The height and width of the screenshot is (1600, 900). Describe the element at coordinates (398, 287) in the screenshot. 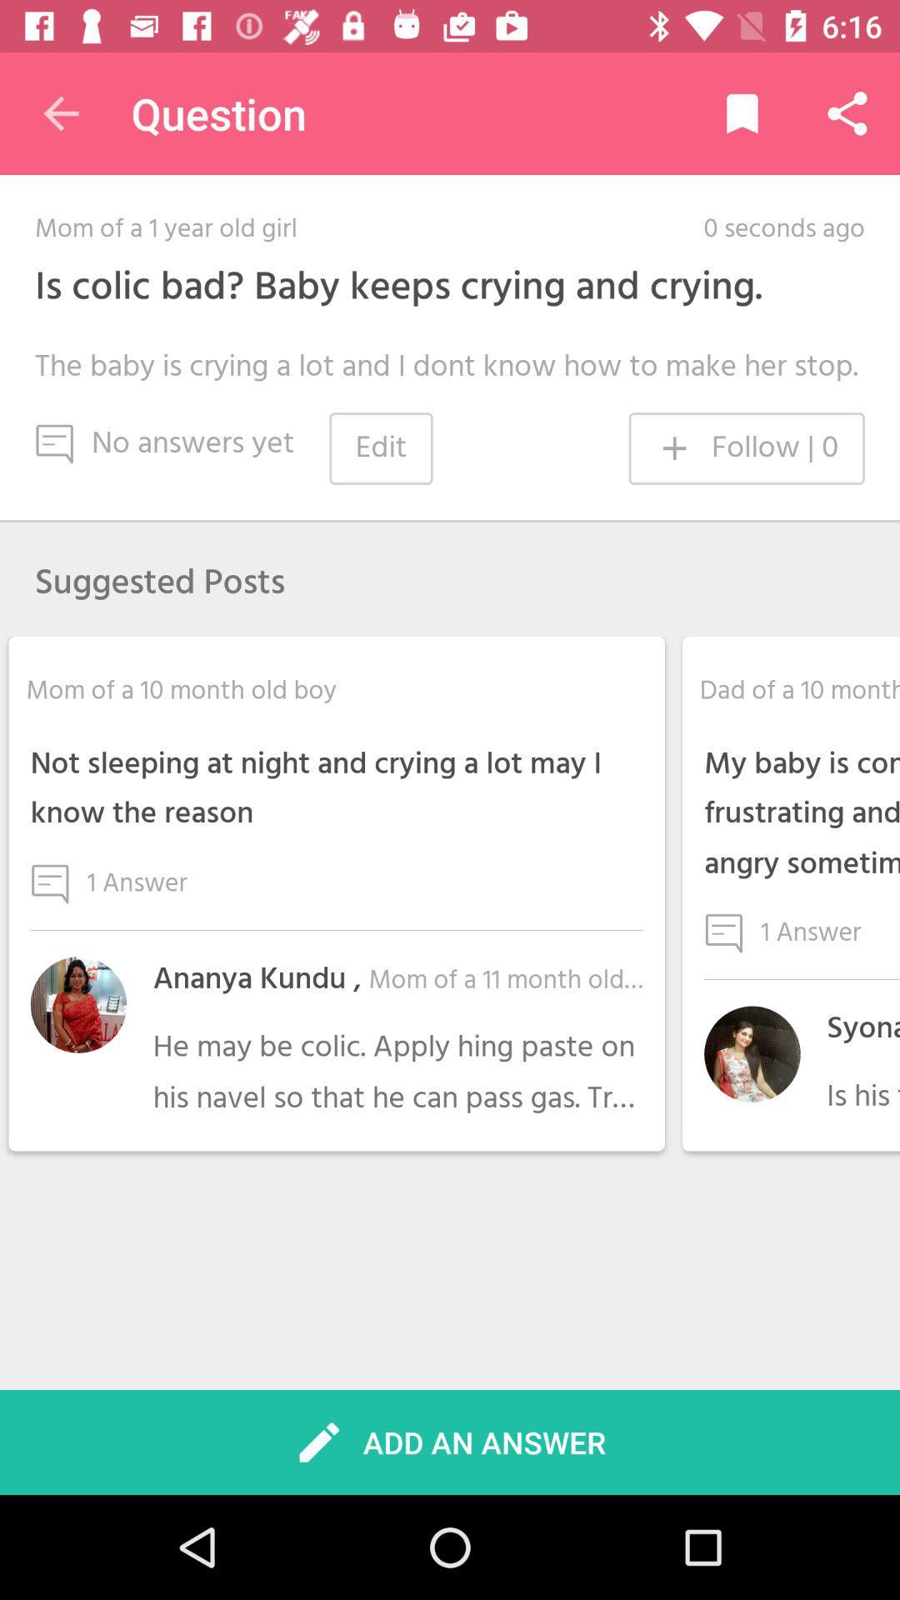

I see `the item above the baby is item` at that location.